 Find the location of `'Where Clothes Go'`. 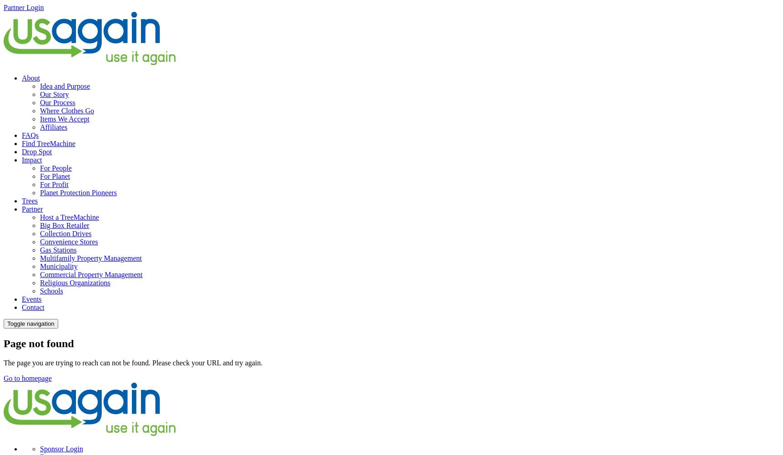

'Where Clothes Go' is located at coordinates (67, 110).